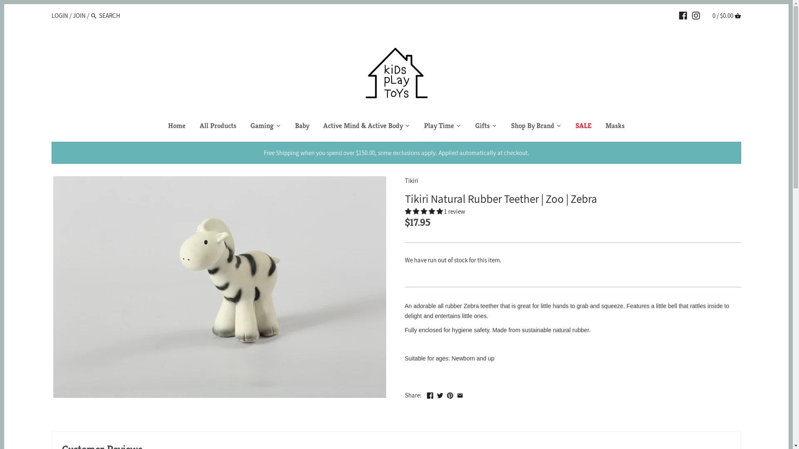 The image size is (799, 449). What do you see at coordinates (60, 15) in the screenshot?
I see `'LOGIN'` at bounding box center [60, 15].